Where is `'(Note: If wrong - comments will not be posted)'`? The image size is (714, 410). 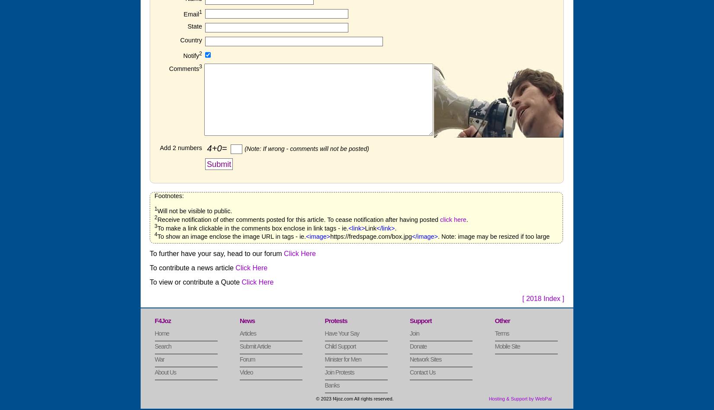 '(Note: If wrong - comments will not be posted)' is located at coordinates (306, 148).